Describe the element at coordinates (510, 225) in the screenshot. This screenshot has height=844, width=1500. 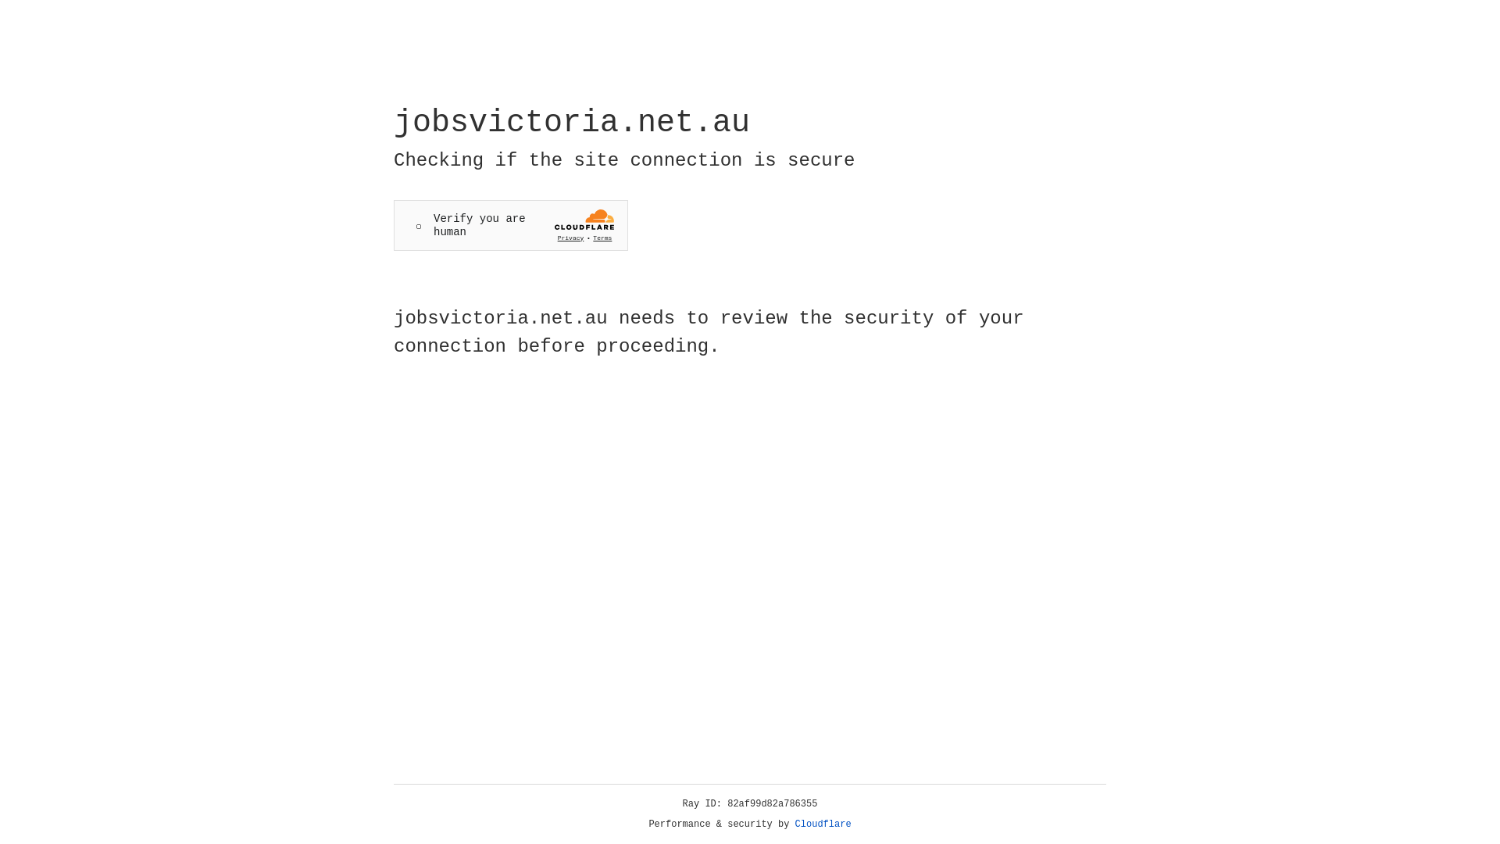
I see `'Widget containing a Cloudflare security challenge'` at that location.